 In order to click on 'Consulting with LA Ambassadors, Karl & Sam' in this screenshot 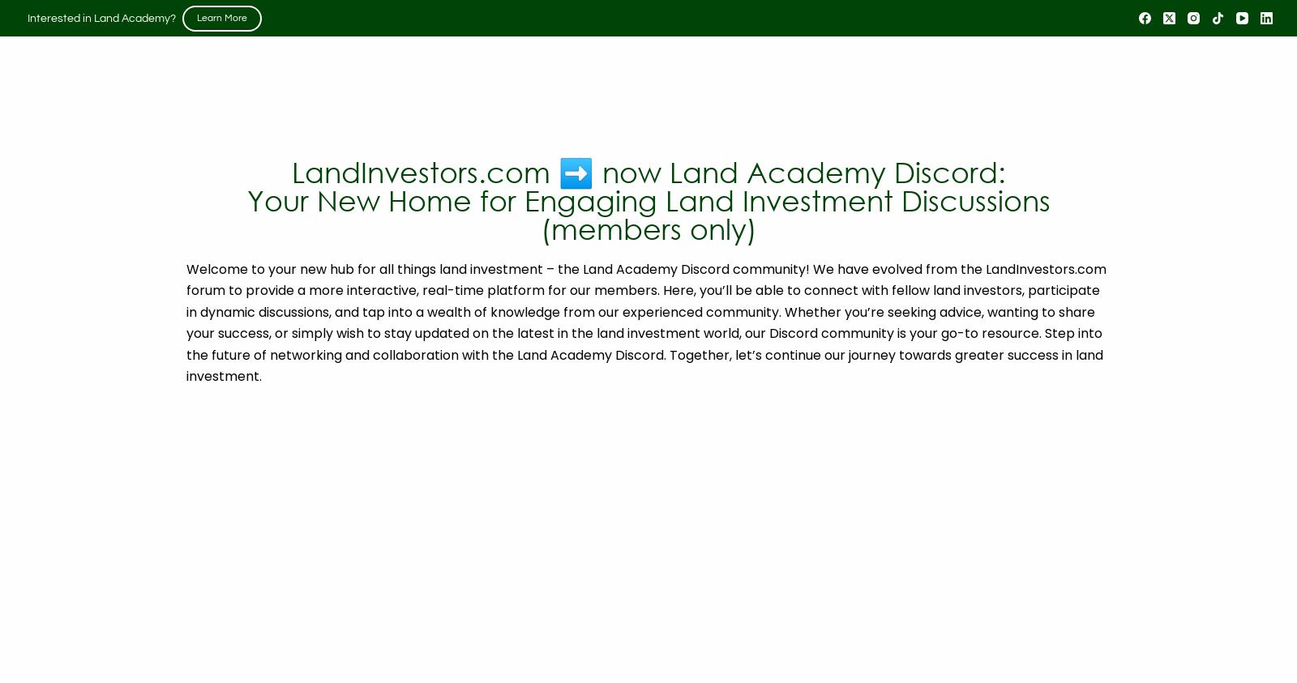, I will do `click(999, 318)`.